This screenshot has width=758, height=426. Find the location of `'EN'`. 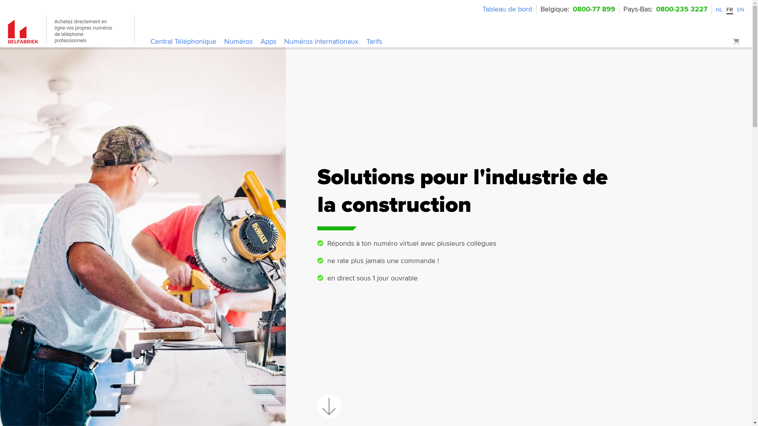

'EN' is located at coordinates (740, 9).